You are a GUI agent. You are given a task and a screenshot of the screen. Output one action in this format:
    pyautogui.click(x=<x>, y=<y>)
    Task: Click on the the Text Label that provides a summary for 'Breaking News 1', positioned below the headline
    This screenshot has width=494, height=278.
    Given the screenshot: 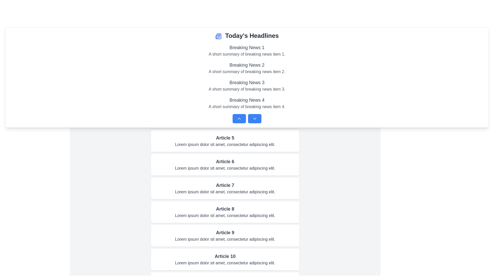 What is the action you would take?
    pyautogui.click(x=247, y=54)
    